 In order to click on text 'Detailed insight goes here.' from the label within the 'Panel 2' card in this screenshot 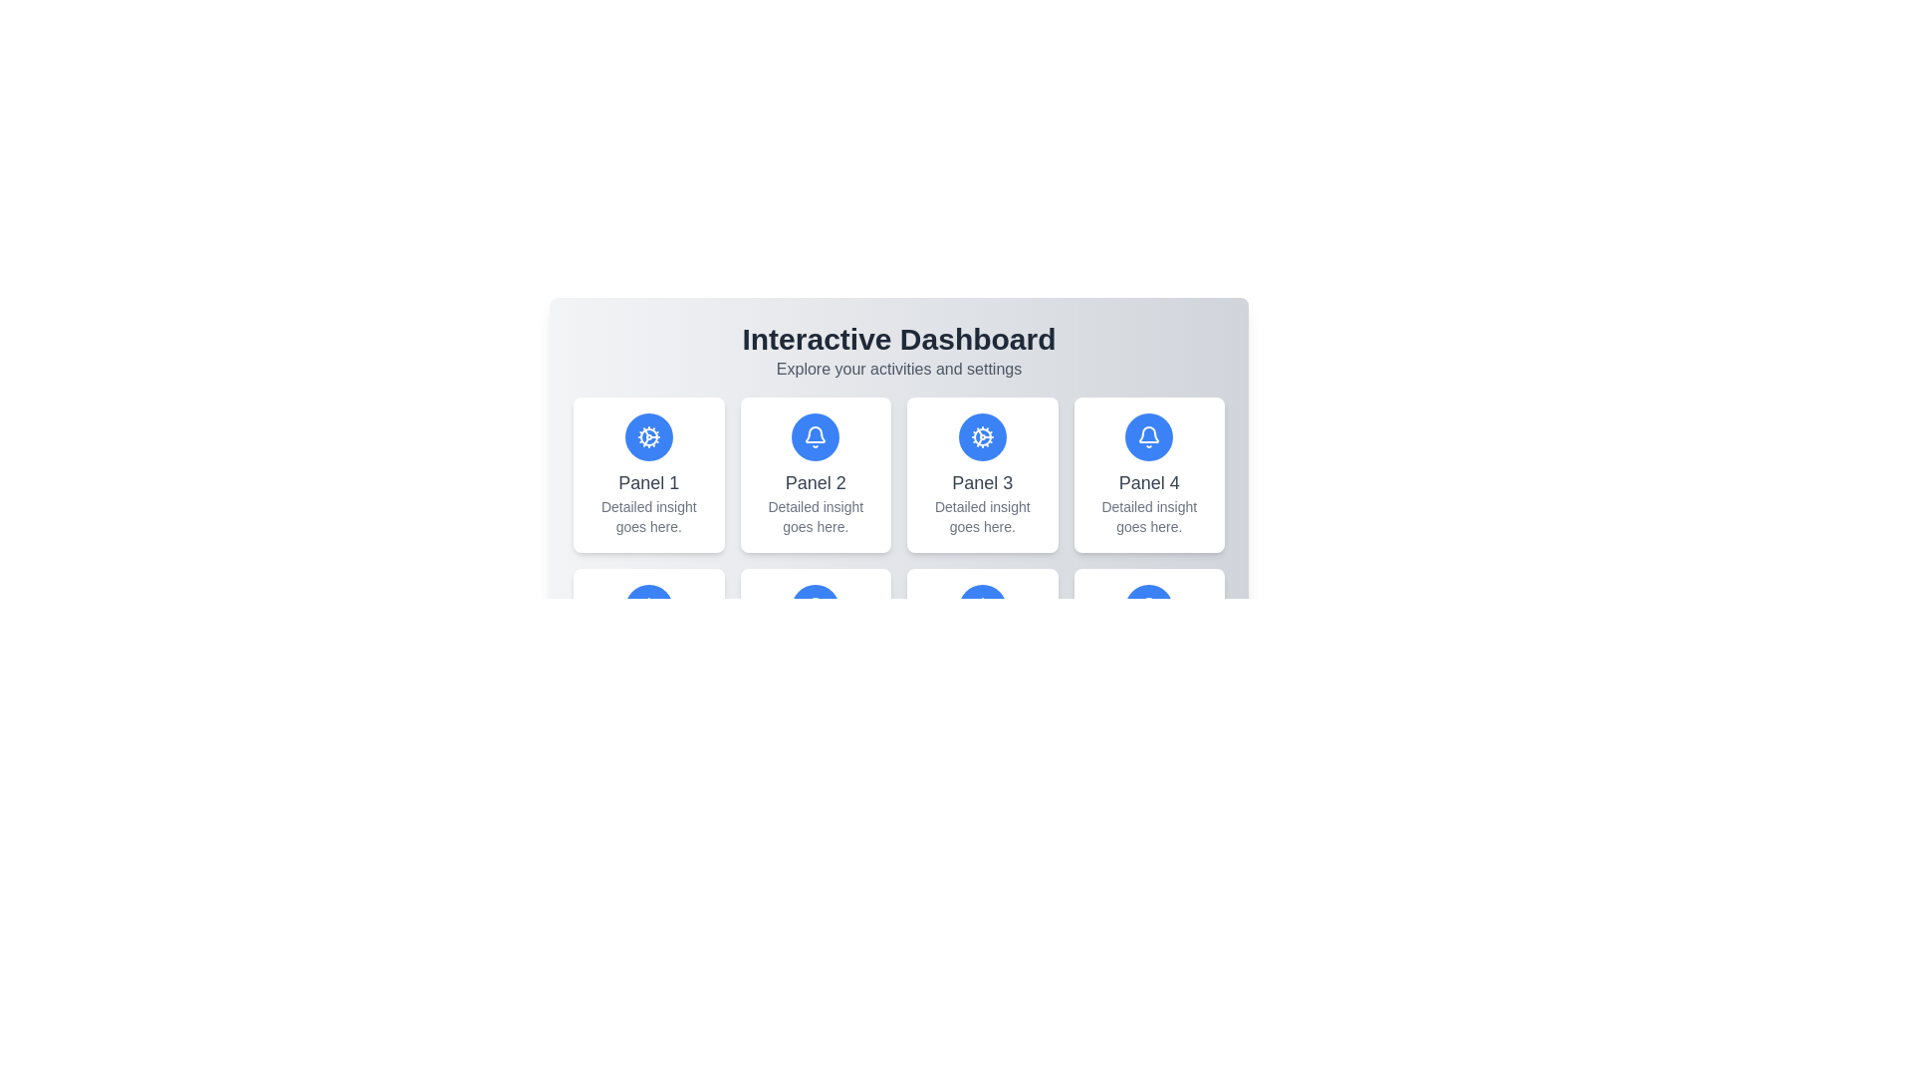, I will do `click(816, 516)`.